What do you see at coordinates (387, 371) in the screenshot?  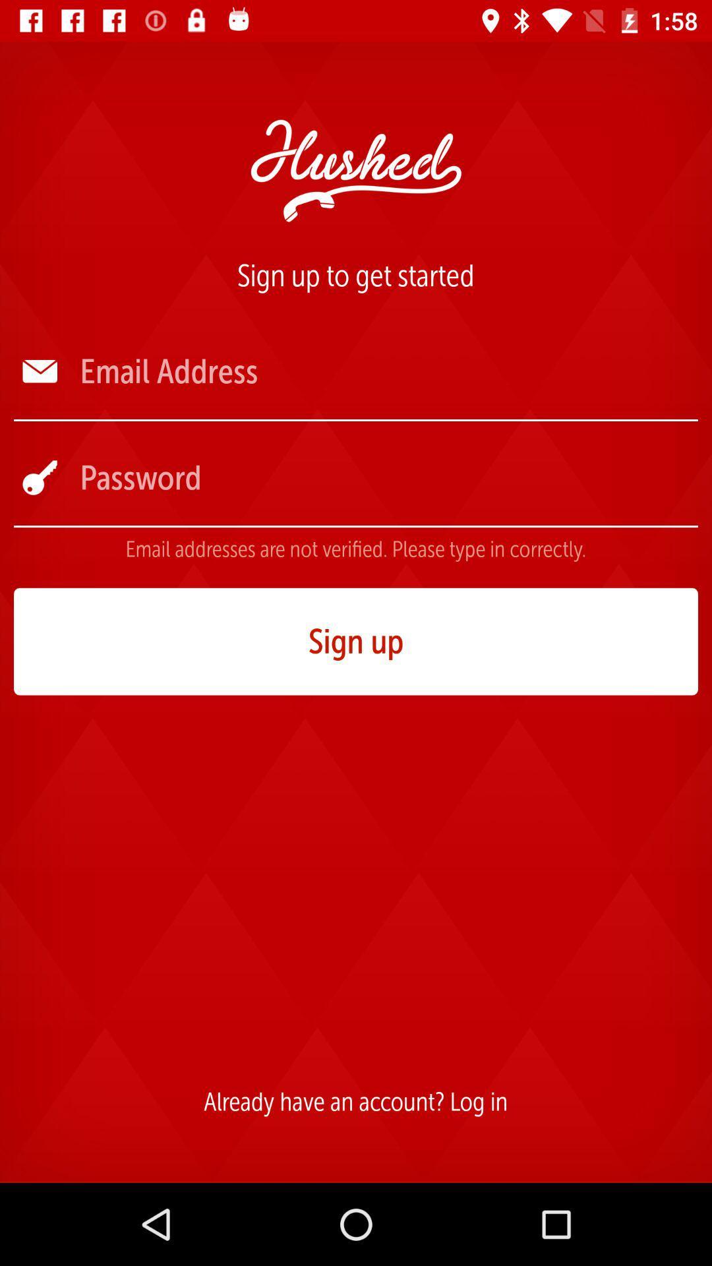 I see `the icon below the sign up to` at bounding box center [387, 371].